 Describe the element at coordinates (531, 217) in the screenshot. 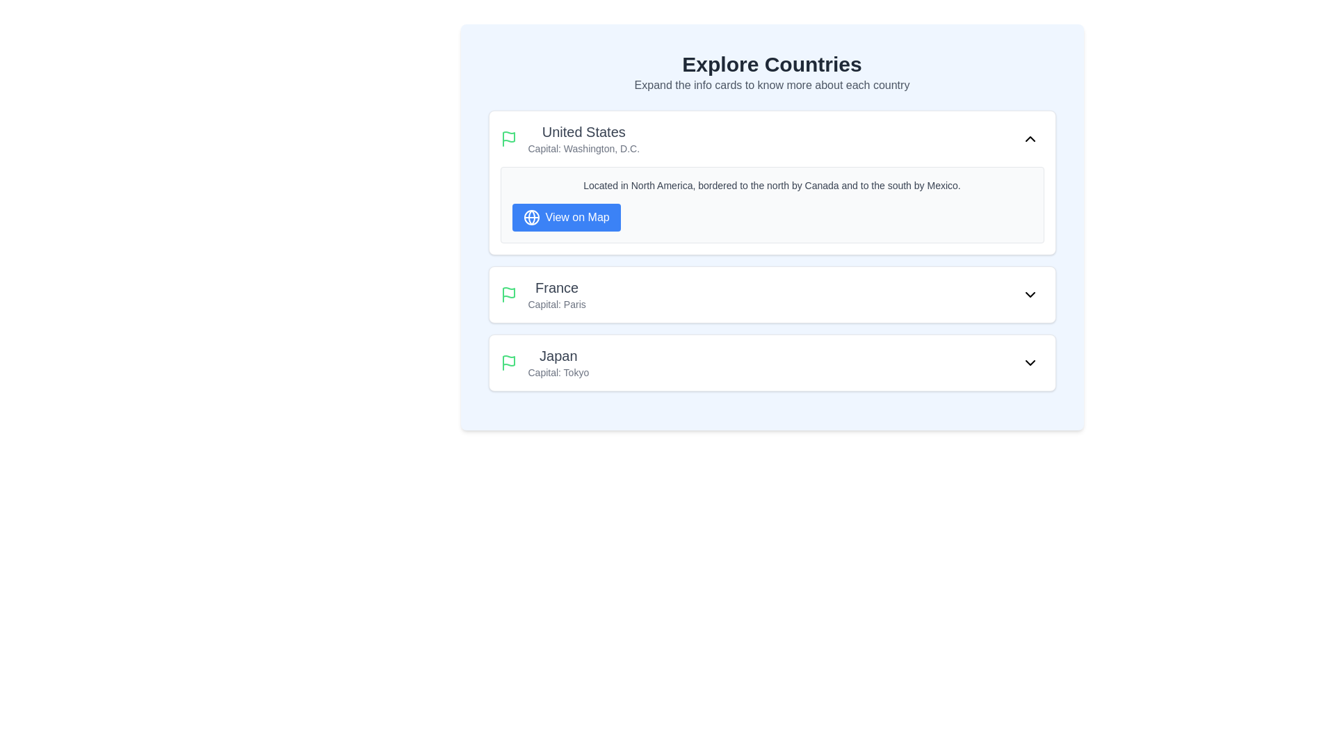

I see `the globe icon SVG located to the left of the 'View on Map' text within the button in the 'United States' section of the interface` at that location.